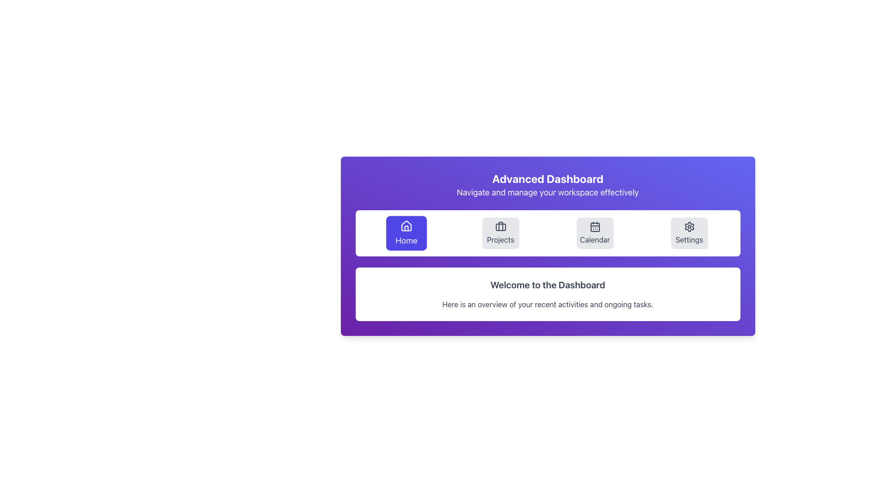 The height and width of the screenshot is (499, 888). I want to click on text content of the 'Advanced Dashboard' Text Element, which displays 'Advanced Dashboard' and 'Navigate and manage your workspace effectively' on a gradient background, so click(548, 185).